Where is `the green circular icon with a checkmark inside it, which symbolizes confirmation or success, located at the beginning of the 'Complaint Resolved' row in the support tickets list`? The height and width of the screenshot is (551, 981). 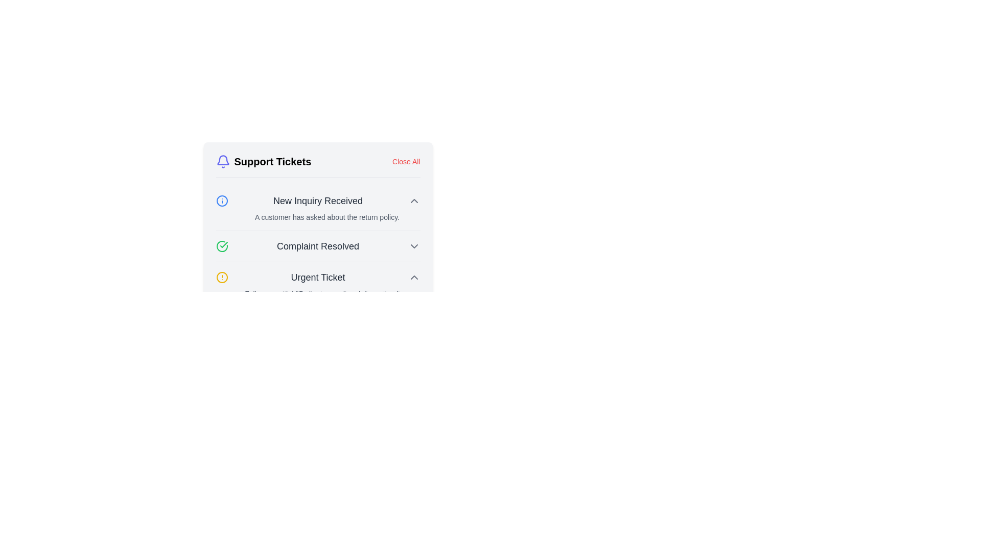
the green circular icon with a checkmark inside it, which symbolizes confirmation or success, located at the beginning of the 'Complaint Resolved' row in the support tickets list is located at coordinates (221, 246).